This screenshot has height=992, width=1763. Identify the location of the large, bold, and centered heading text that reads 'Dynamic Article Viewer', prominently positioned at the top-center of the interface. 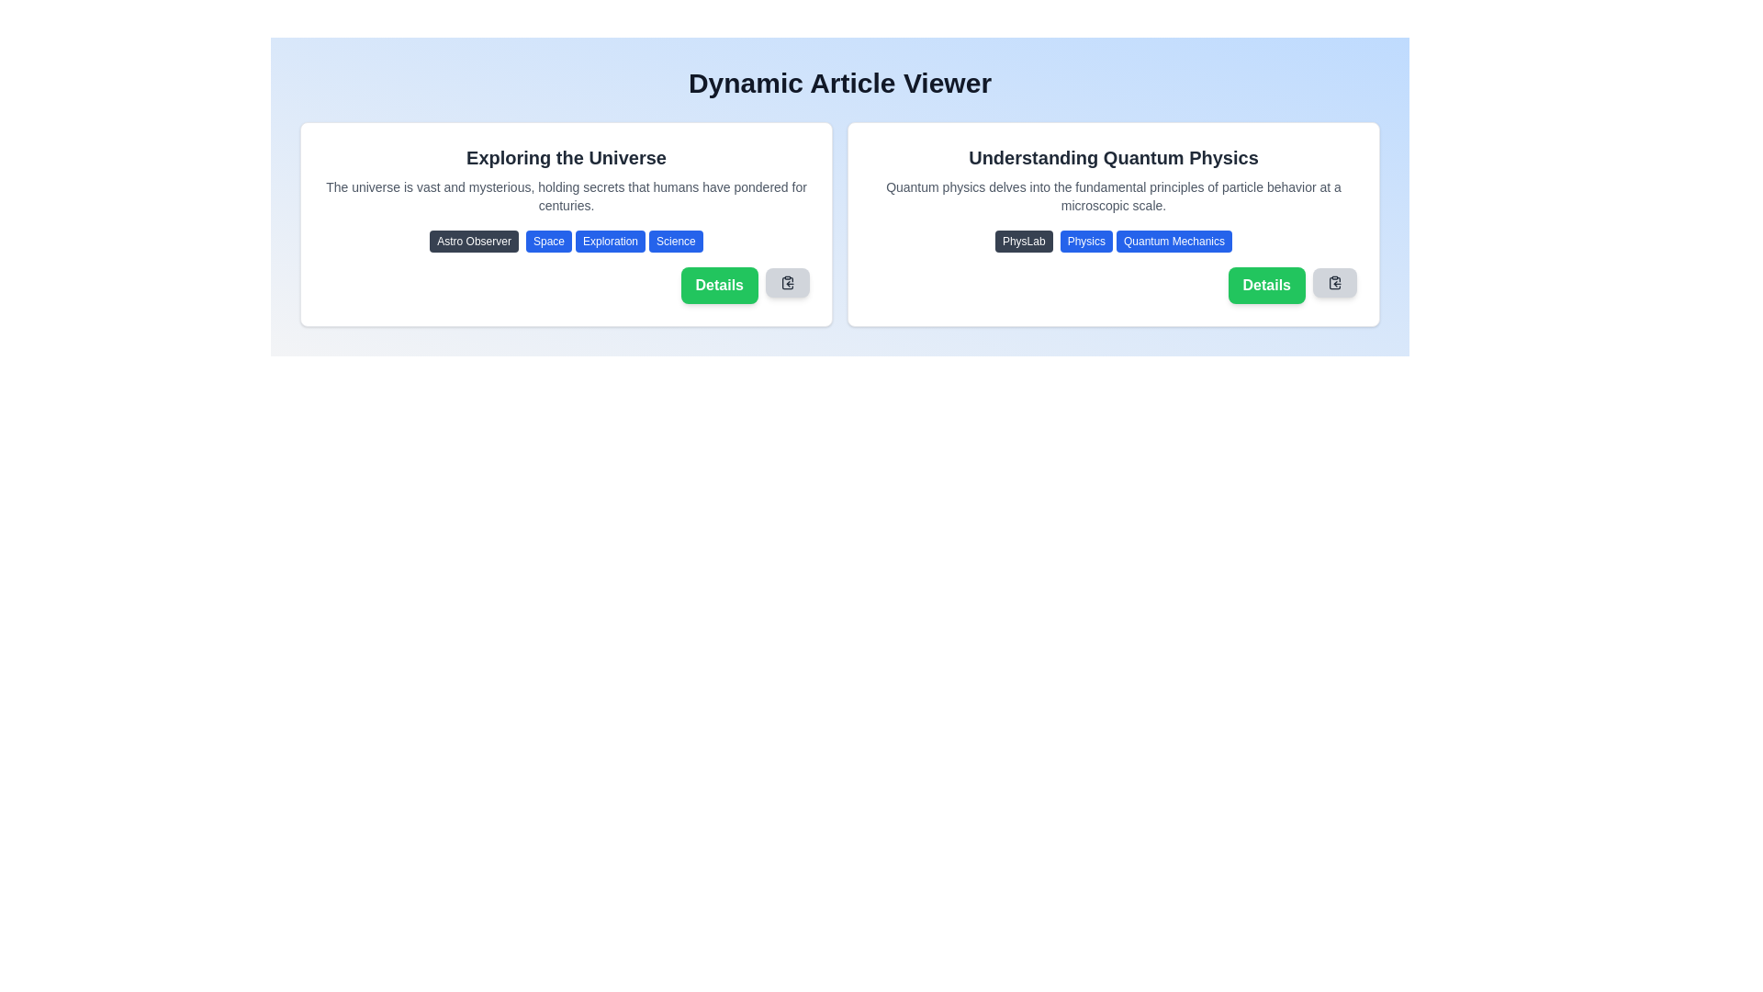
(839, 84).